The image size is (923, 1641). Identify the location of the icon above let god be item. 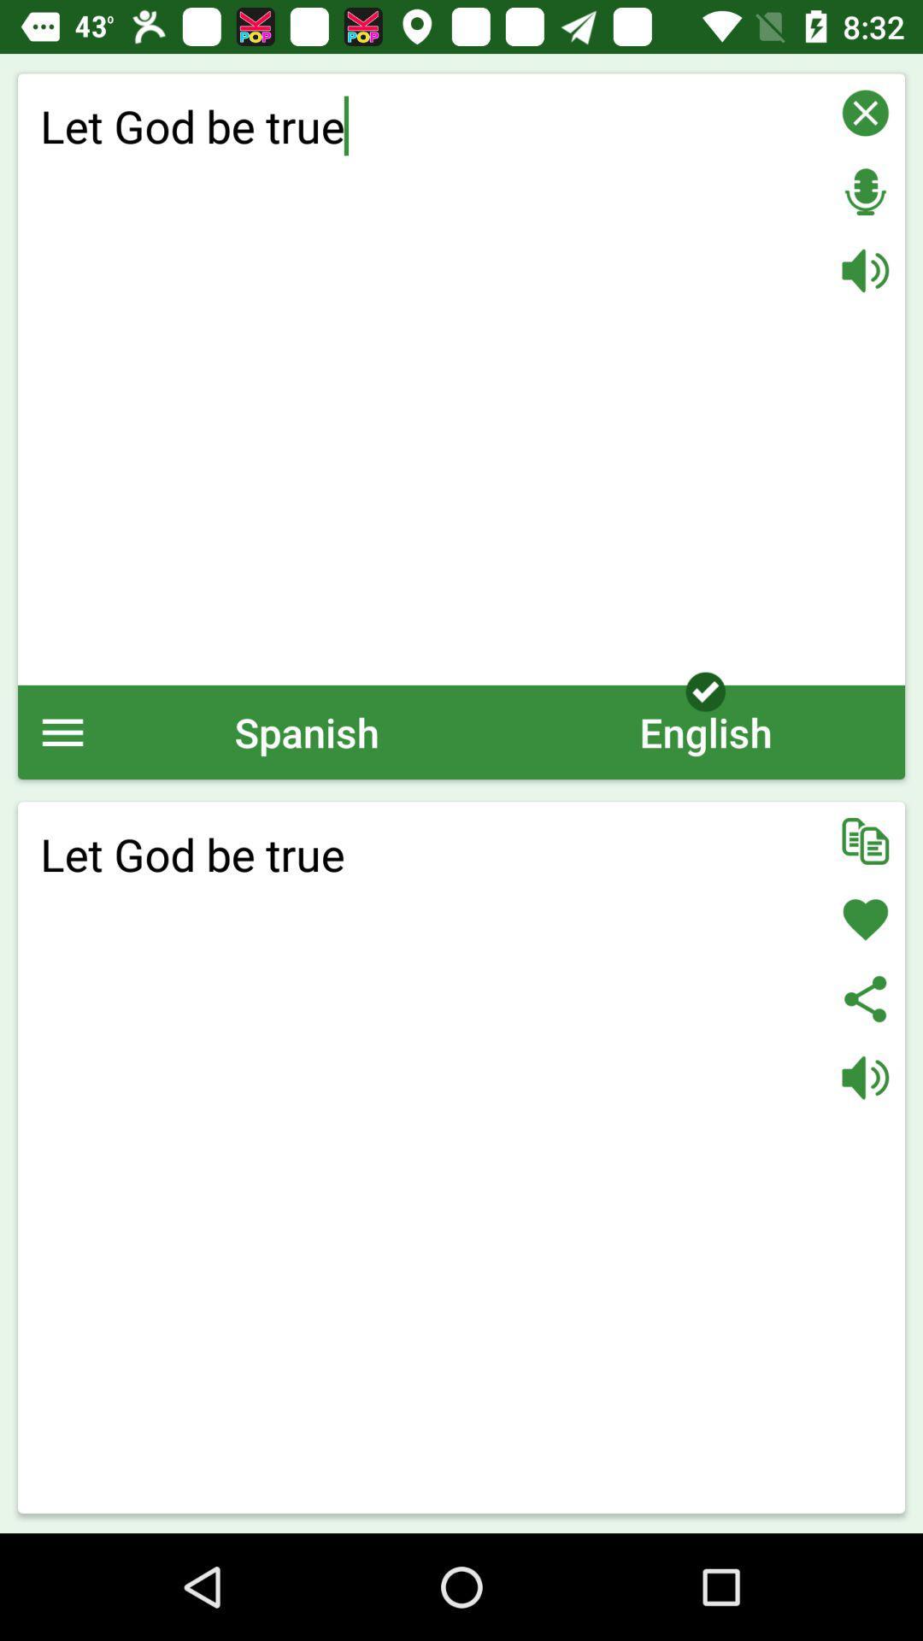
(62, 732).